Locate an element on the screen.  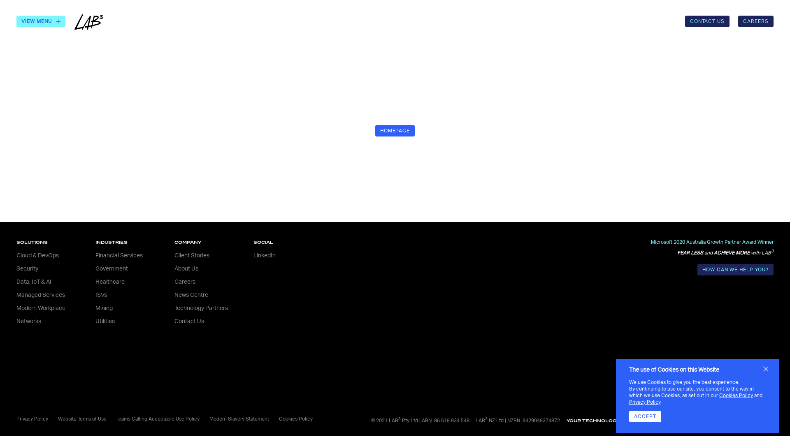
'Cookies Policy' is located at coordinates (718, 395).